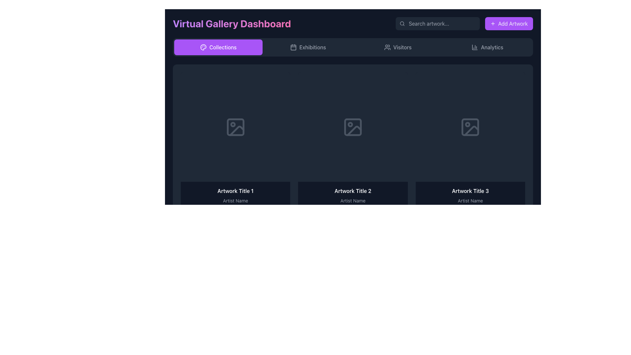 The height and width of the screenshot is (355, 631). Describe the element at coordinates (492, 47) in the screenshot. I see `the 'Analytics' text label located in the navigation bar, positioned between the 'Visitors' option and the edge of the bar` at that location.